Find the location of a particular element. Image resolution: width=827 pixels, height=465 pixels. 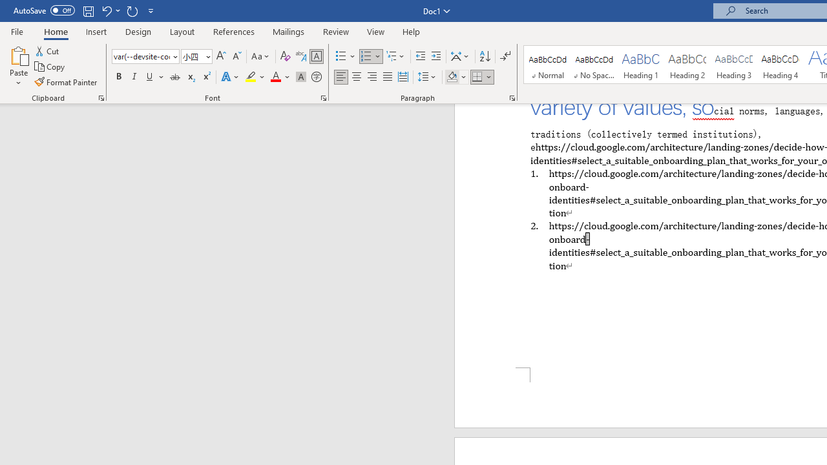

'Character Shading' is located at coordinates (300, 77).